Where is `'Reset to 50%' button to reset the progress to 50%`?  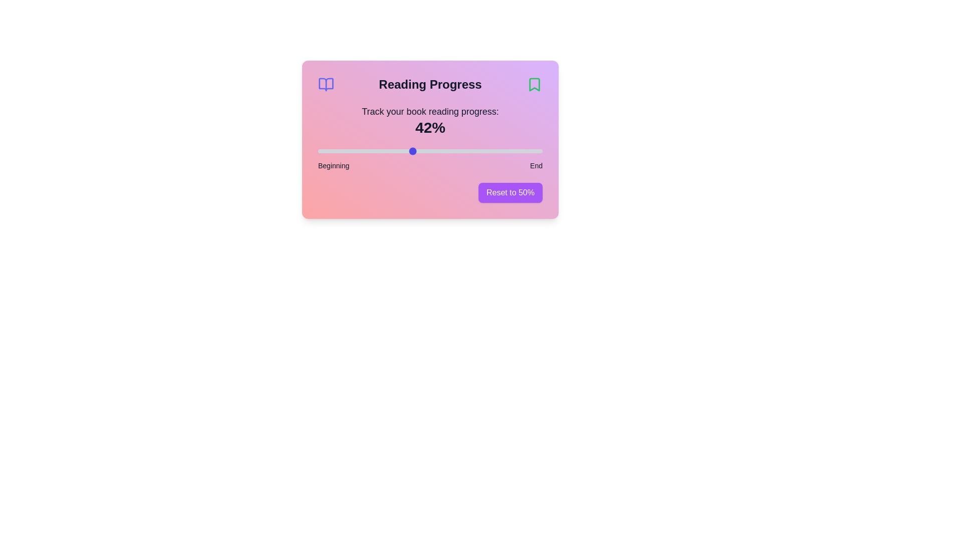
'Reset to 50%' button to reset the progress to 50% is located at coordinates (510, 193).